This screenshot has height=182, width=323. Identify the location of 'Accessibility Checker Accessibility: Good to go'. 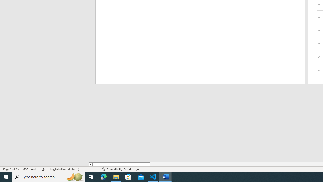
(120, 169).